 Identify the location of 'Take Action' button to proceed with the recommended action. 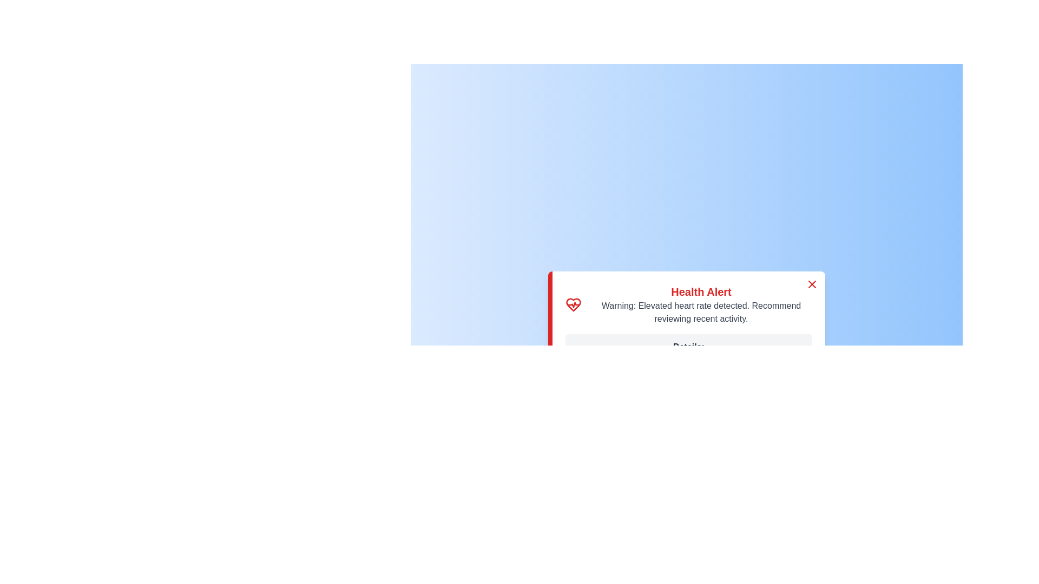
(729, 416).